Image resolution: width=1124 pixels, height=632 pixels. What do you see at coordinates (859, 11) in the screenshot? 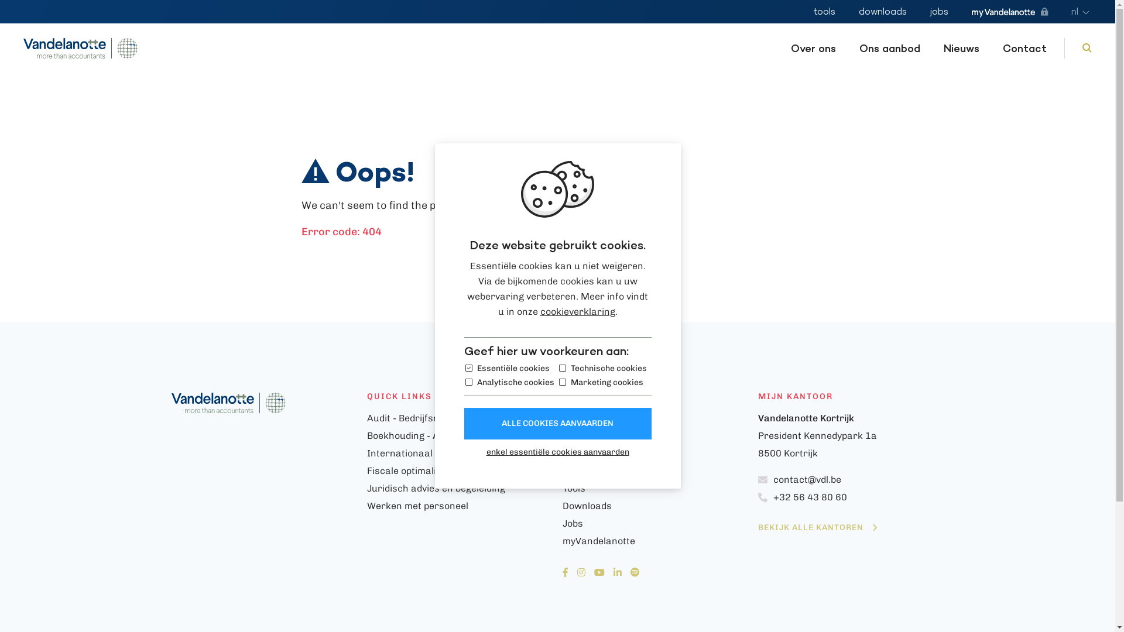
I see `'downloads'` at bounding box center [859, 11].